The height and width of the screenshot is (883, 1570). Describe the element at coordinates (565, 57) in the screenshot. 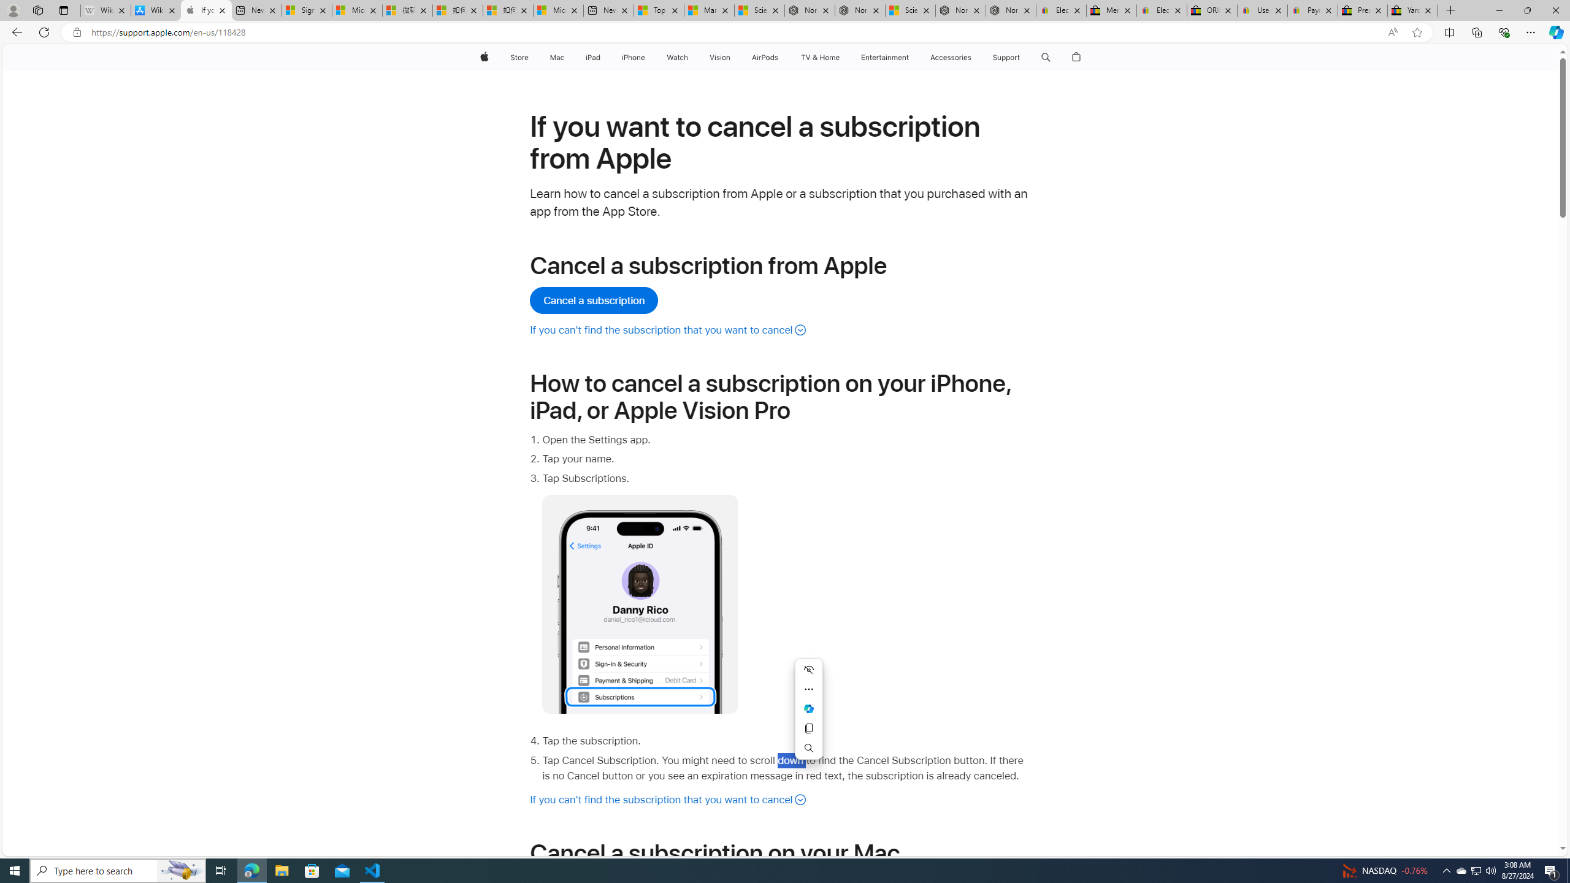

I see `'Mac menu'` at that location.